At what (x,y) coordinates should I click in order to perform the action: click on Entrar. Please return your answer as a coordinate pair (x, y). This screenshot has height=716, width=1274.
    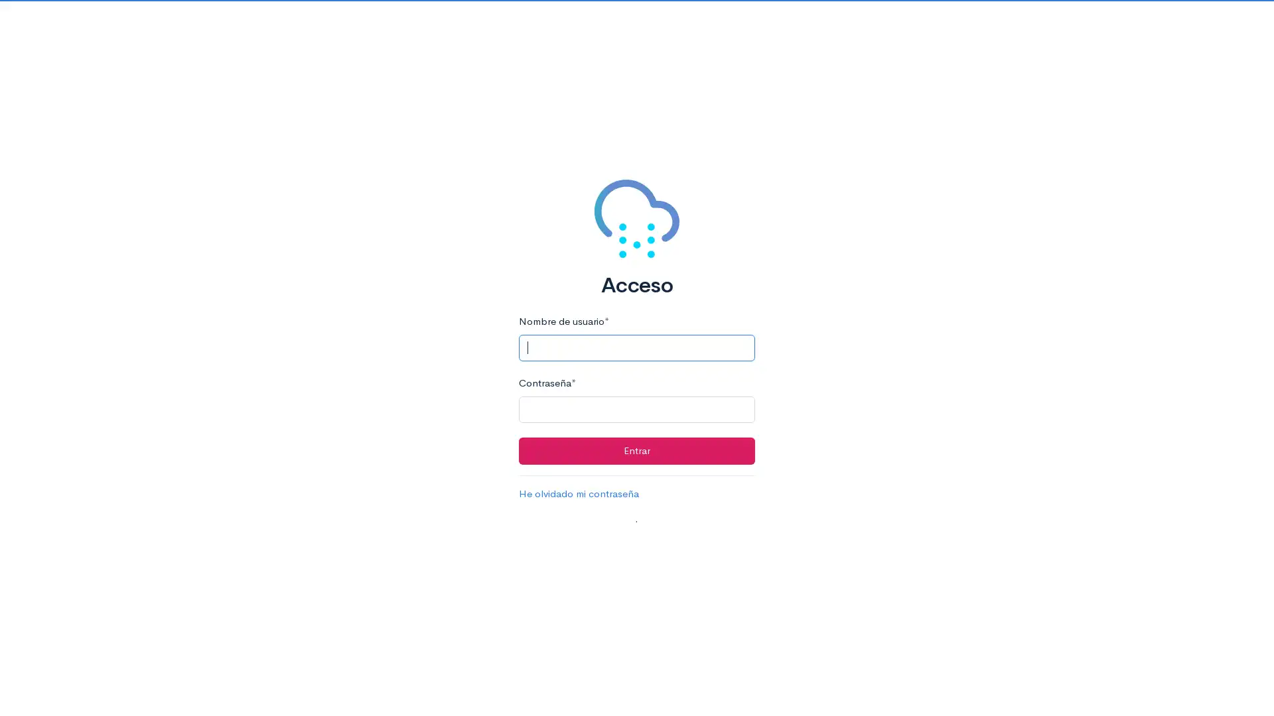
    Looking at the image, I should click on (636, 449).